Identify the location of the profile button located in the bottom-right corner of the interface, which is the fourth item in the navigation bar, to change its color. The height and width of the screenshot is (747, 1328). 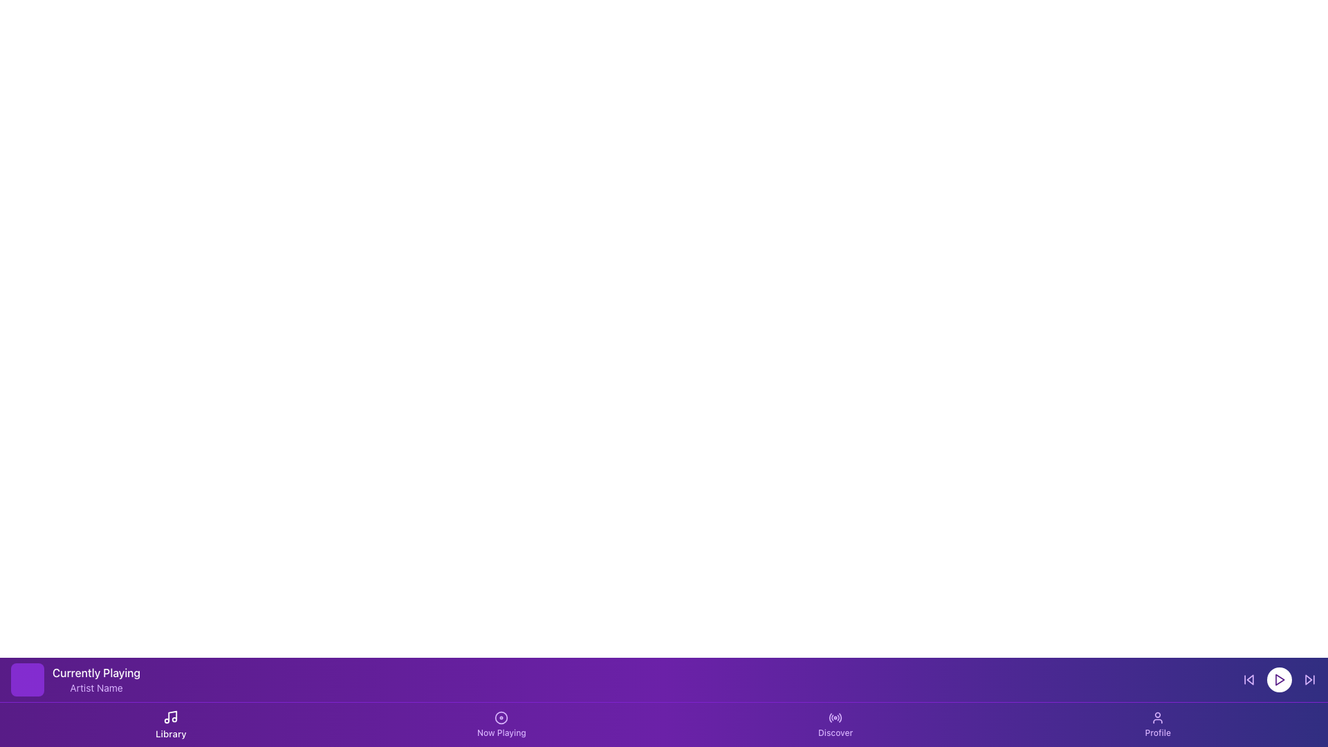
(1158, 724).